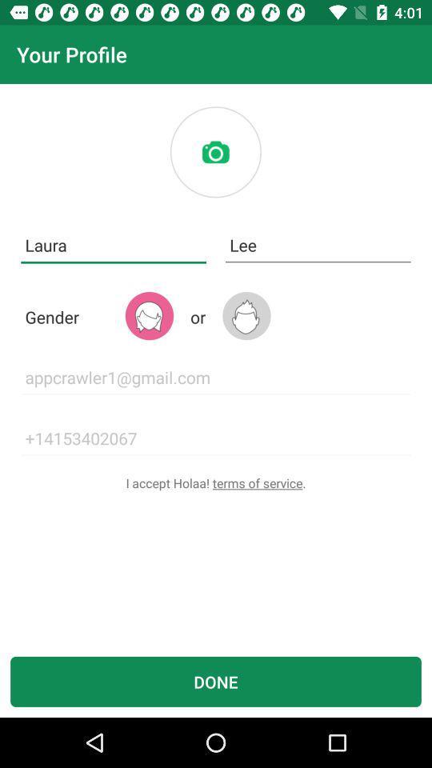 The height and width of the screenshot is (768, 432). Describe the element at coordinates (215, 152) in the screenshot. I see `insert photo here` at that location.